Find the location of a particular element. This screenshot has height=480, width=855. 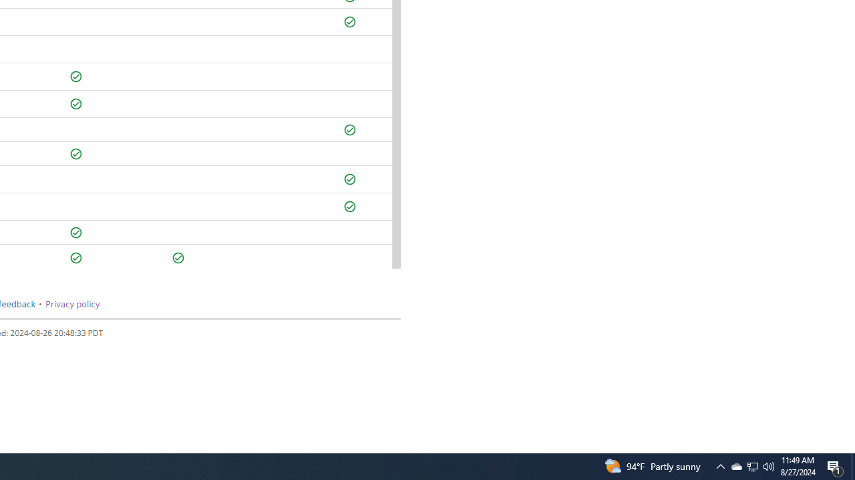

'Privacy policy' is located at coordinates (71, 304).